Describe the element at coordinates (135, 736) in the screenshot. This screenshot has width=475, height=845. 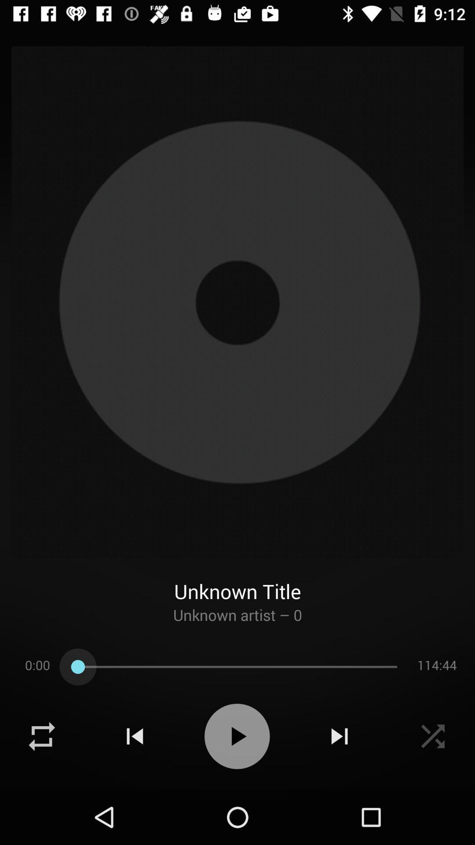
I see `previous song` at that location.